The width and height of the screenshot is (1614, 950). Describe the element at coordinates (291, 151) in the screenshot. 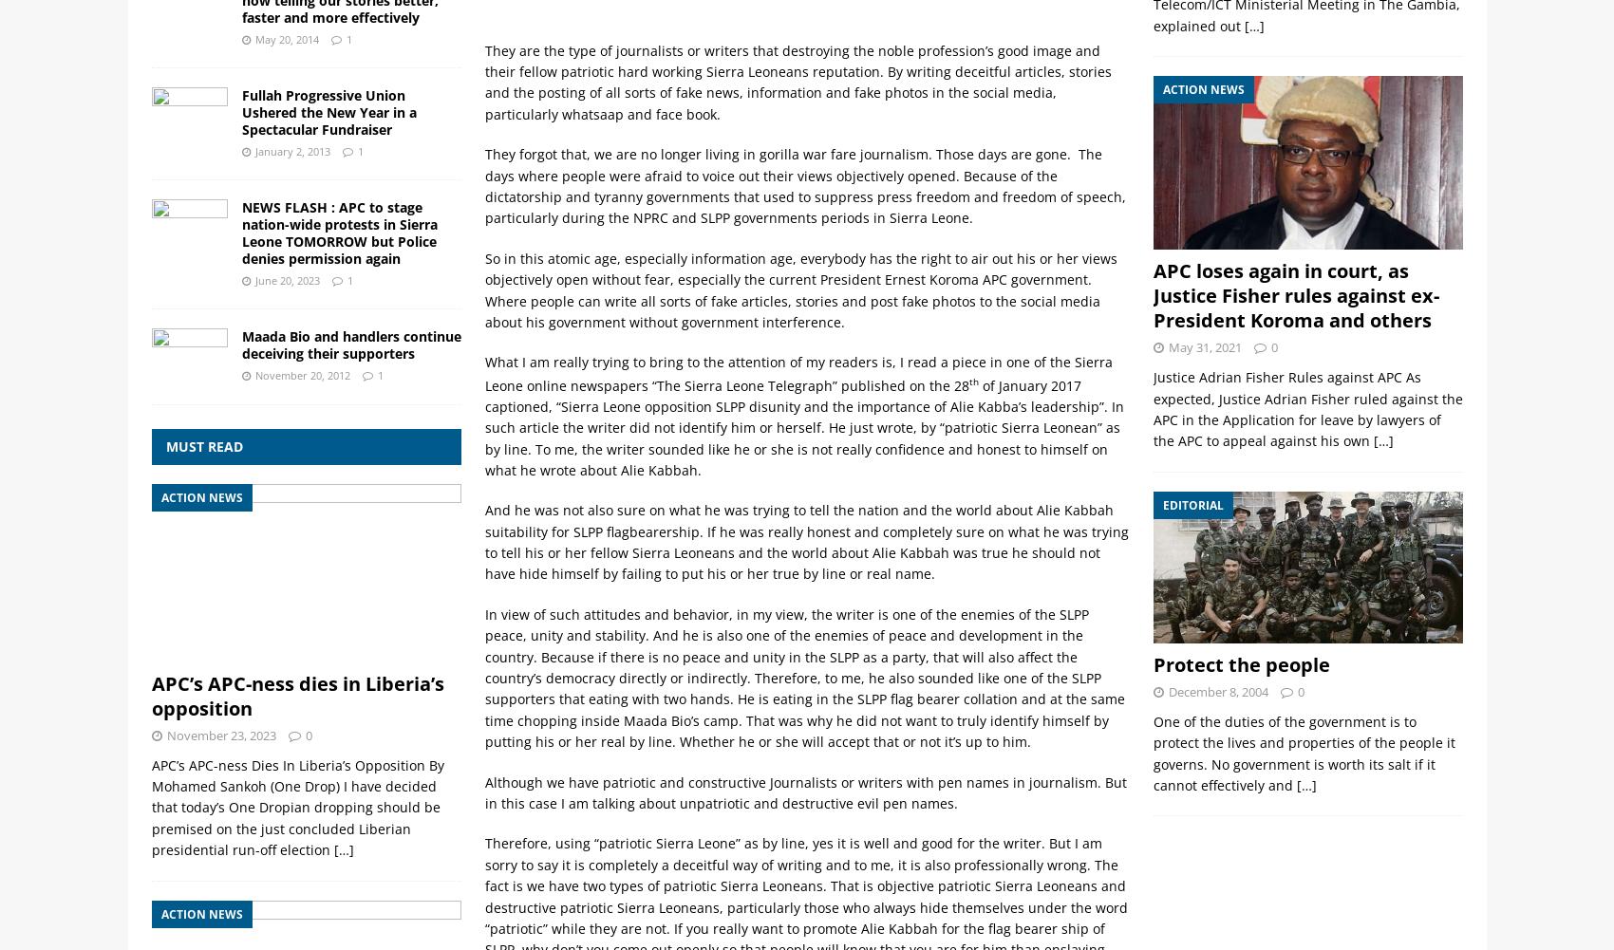

I see `'January 2, 2013'` at that location.